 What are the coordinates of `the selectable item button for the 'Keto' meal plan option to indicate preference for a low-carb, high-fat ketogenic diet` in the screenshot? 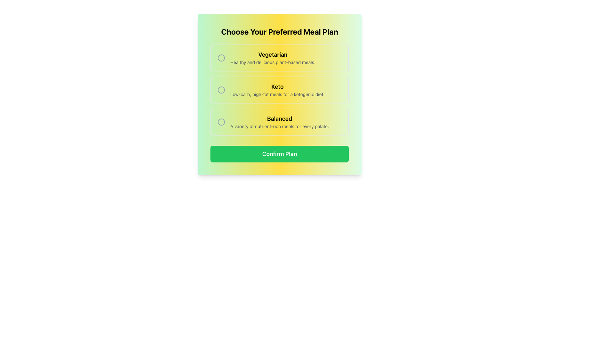 It's located at (280, 90).